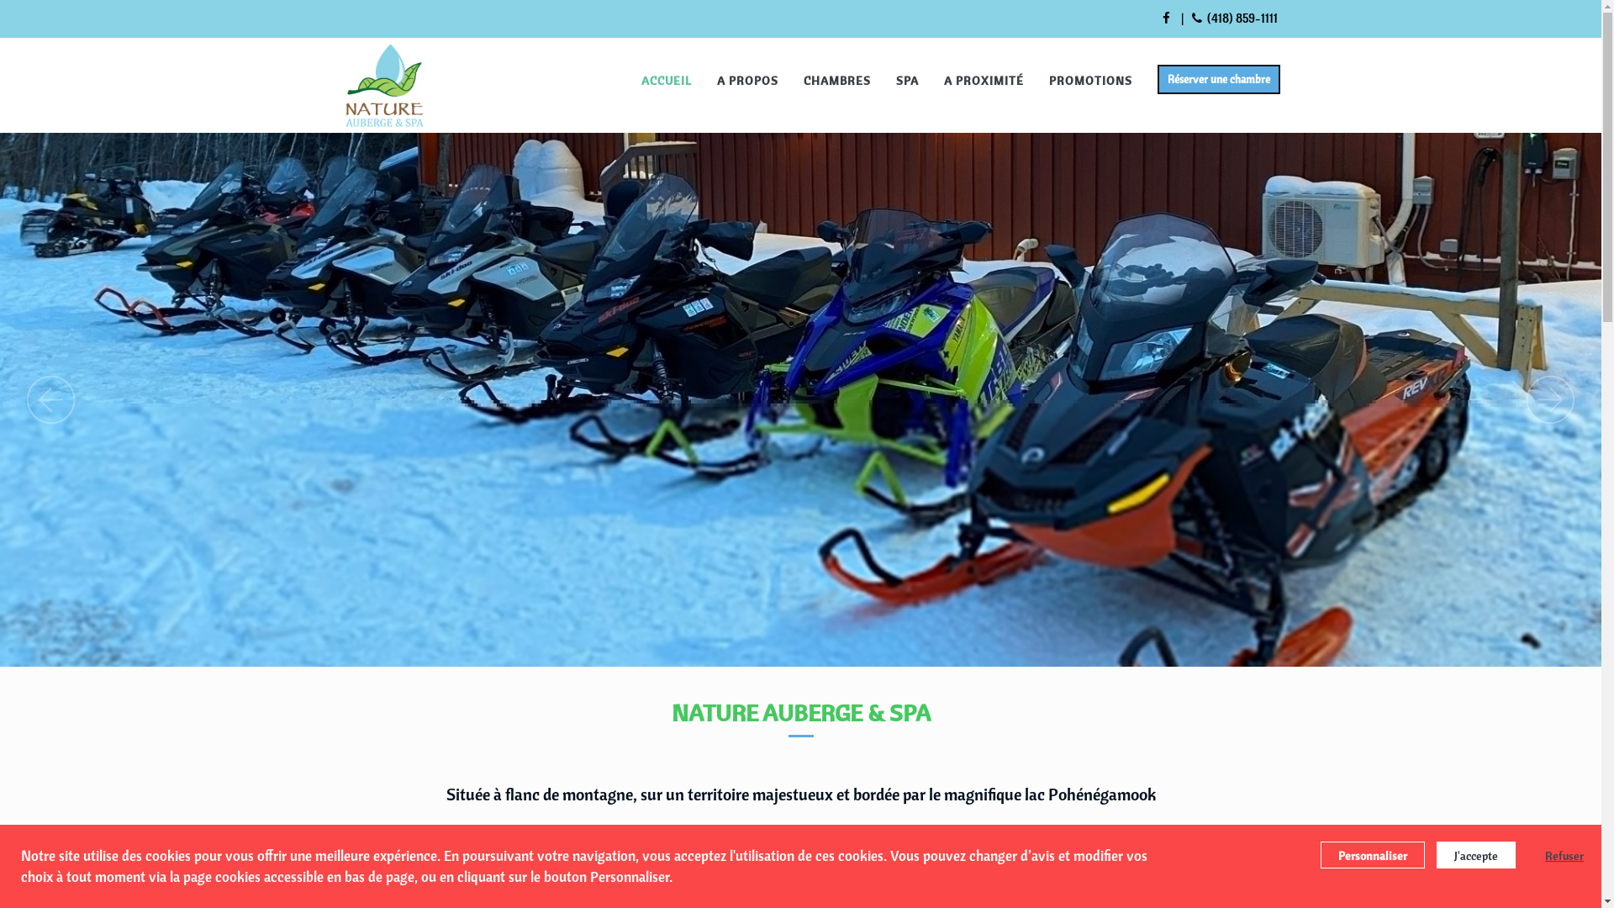  What do you see at coordinates (836, 80) in the screenshot?
I see `'CHAMBRES'` at bounding box center [836, 80].